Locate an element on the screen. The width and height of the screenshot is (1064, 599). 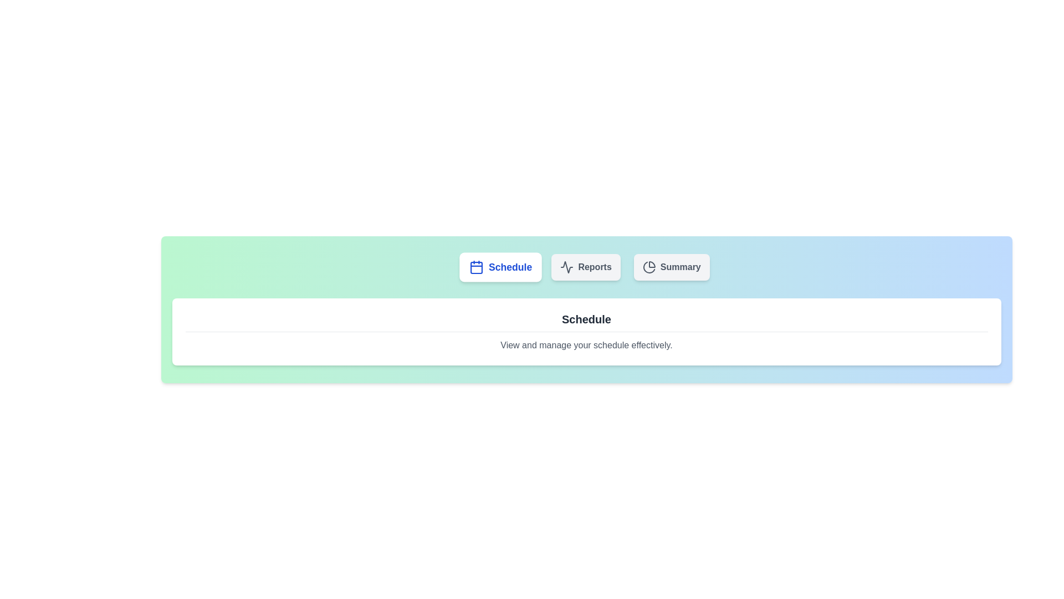
the tab labeled Summary to switch views is located at coordinates (671, 267).